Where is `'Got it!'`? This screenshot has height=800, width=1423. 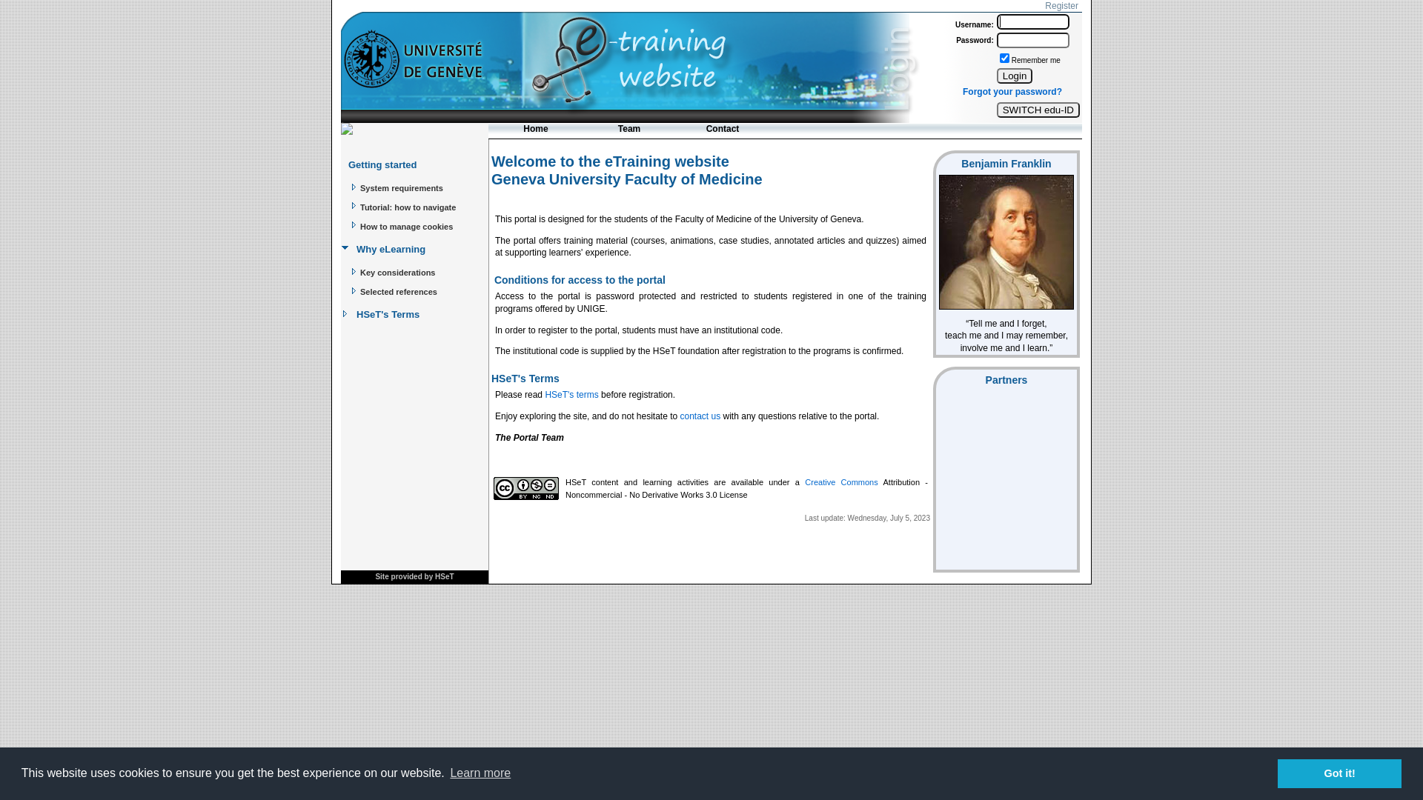
'Got it!' is located at coordinates (1276, 773).